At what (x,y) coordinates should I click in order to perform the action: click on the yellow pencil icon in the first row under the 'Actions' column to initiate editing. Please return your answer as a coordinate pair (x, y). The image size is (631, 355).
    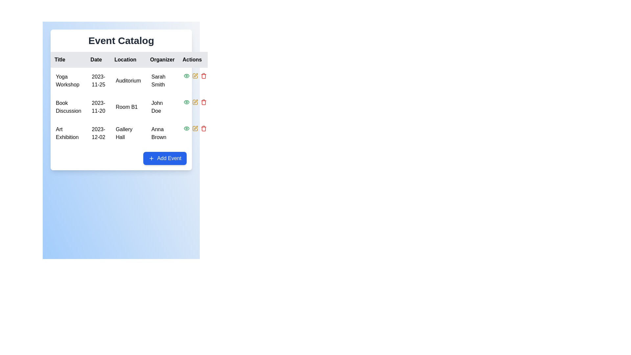
    Looking at the image, I should click on (195, 76).